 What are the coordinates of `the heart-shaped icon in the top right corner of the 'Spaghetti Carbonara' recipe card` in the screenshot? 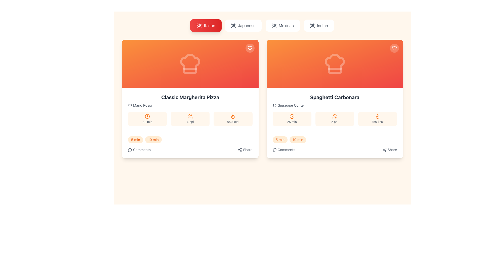 It's located at (394, 48).